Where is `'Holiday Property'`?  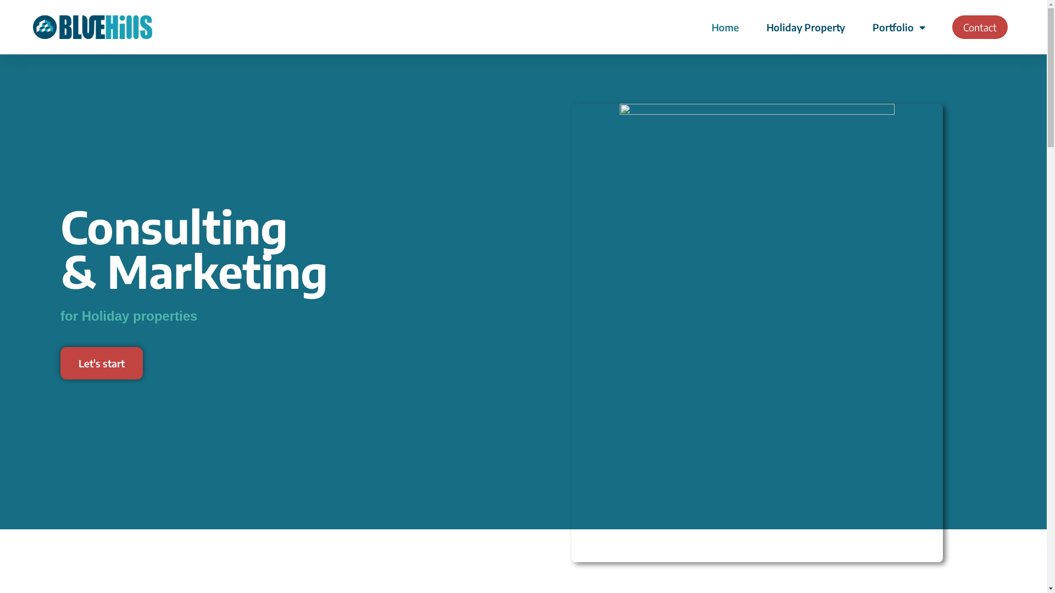
'Holiday Property' is located at coordinates (766, 26).